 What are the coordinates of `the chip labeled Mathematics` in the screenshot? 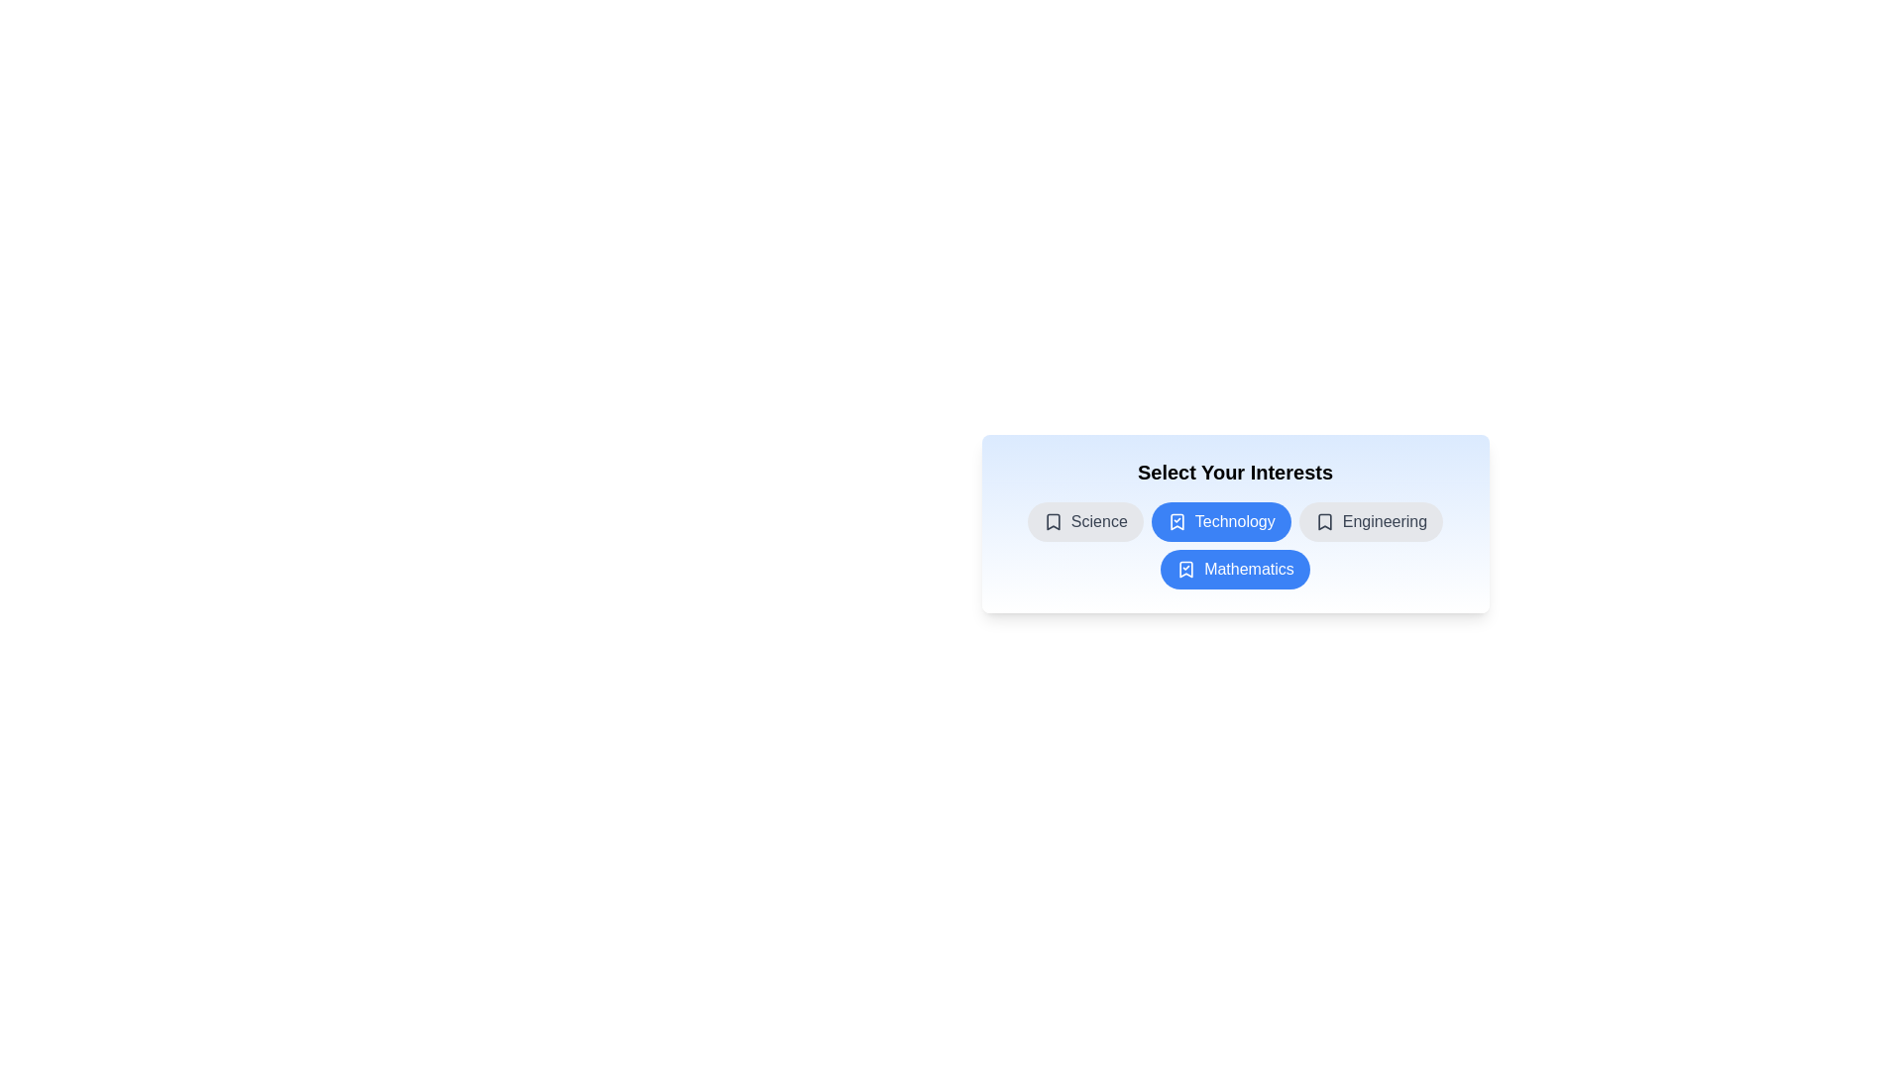 It's located at (1234, 569).